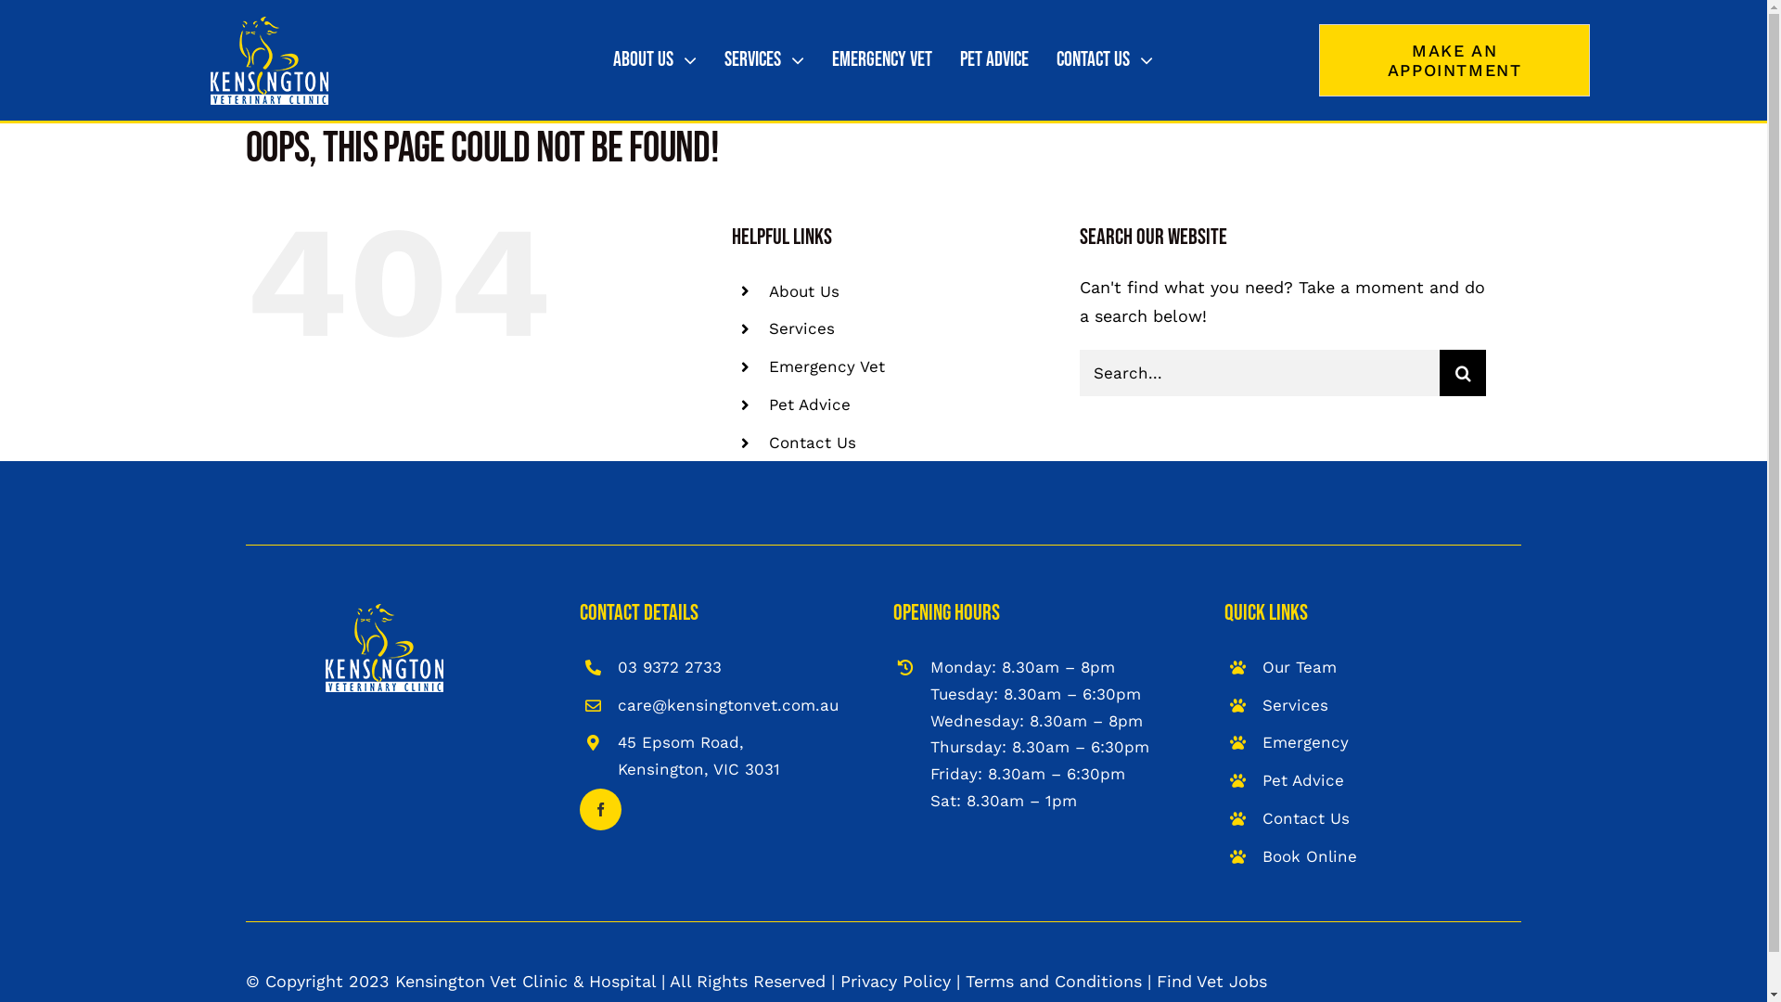 Image resolution: width=1781 pixels, height=1002 pixels. What do you see at coordinates (993, 59) in the screenshot?
I see `'PET ADVICE'` at bounding box center [993, 59].